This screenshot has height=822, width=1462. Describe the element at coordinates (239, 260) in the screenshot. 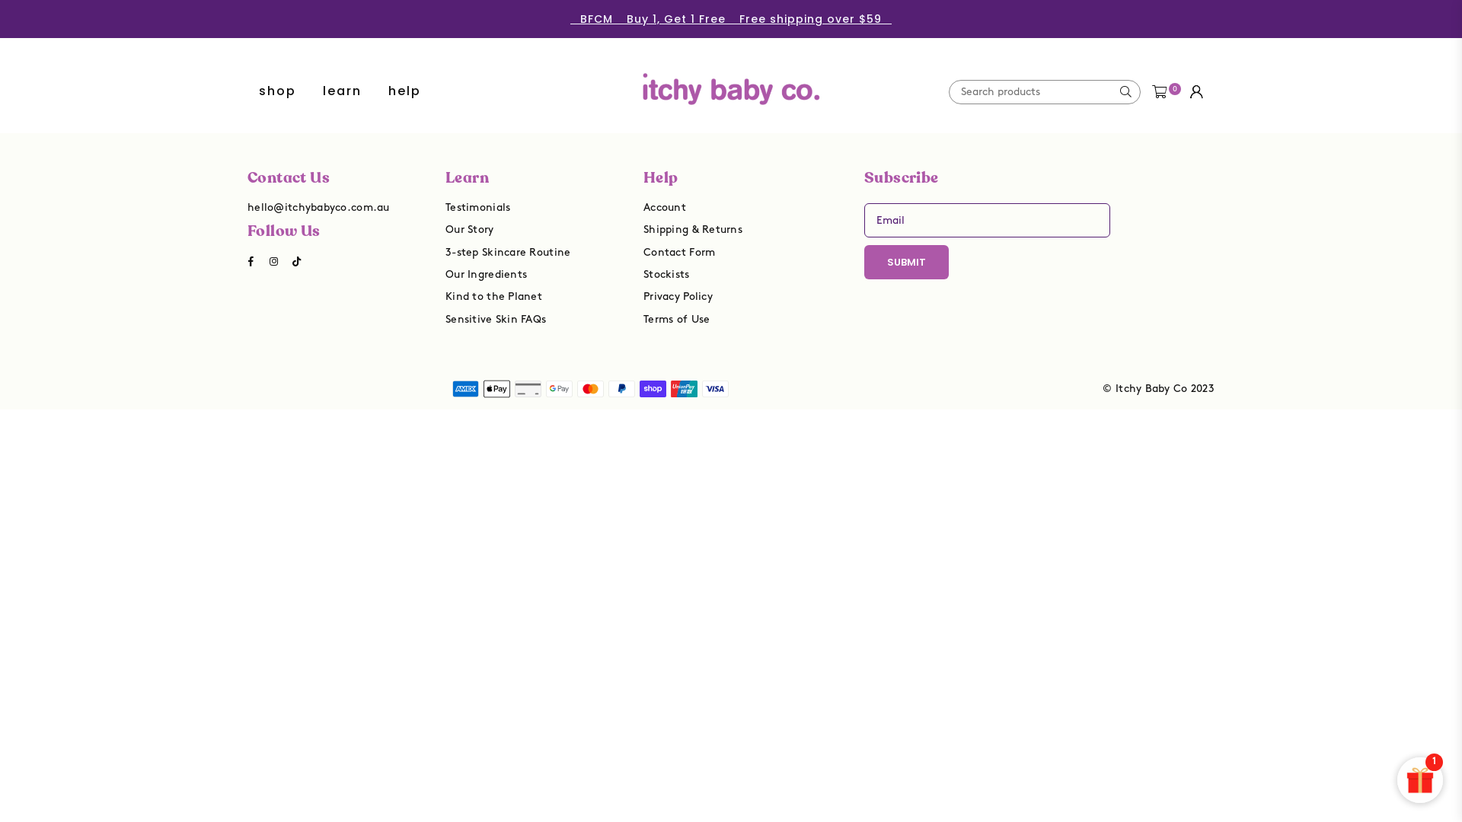

I see `'Facebook'` at that location.